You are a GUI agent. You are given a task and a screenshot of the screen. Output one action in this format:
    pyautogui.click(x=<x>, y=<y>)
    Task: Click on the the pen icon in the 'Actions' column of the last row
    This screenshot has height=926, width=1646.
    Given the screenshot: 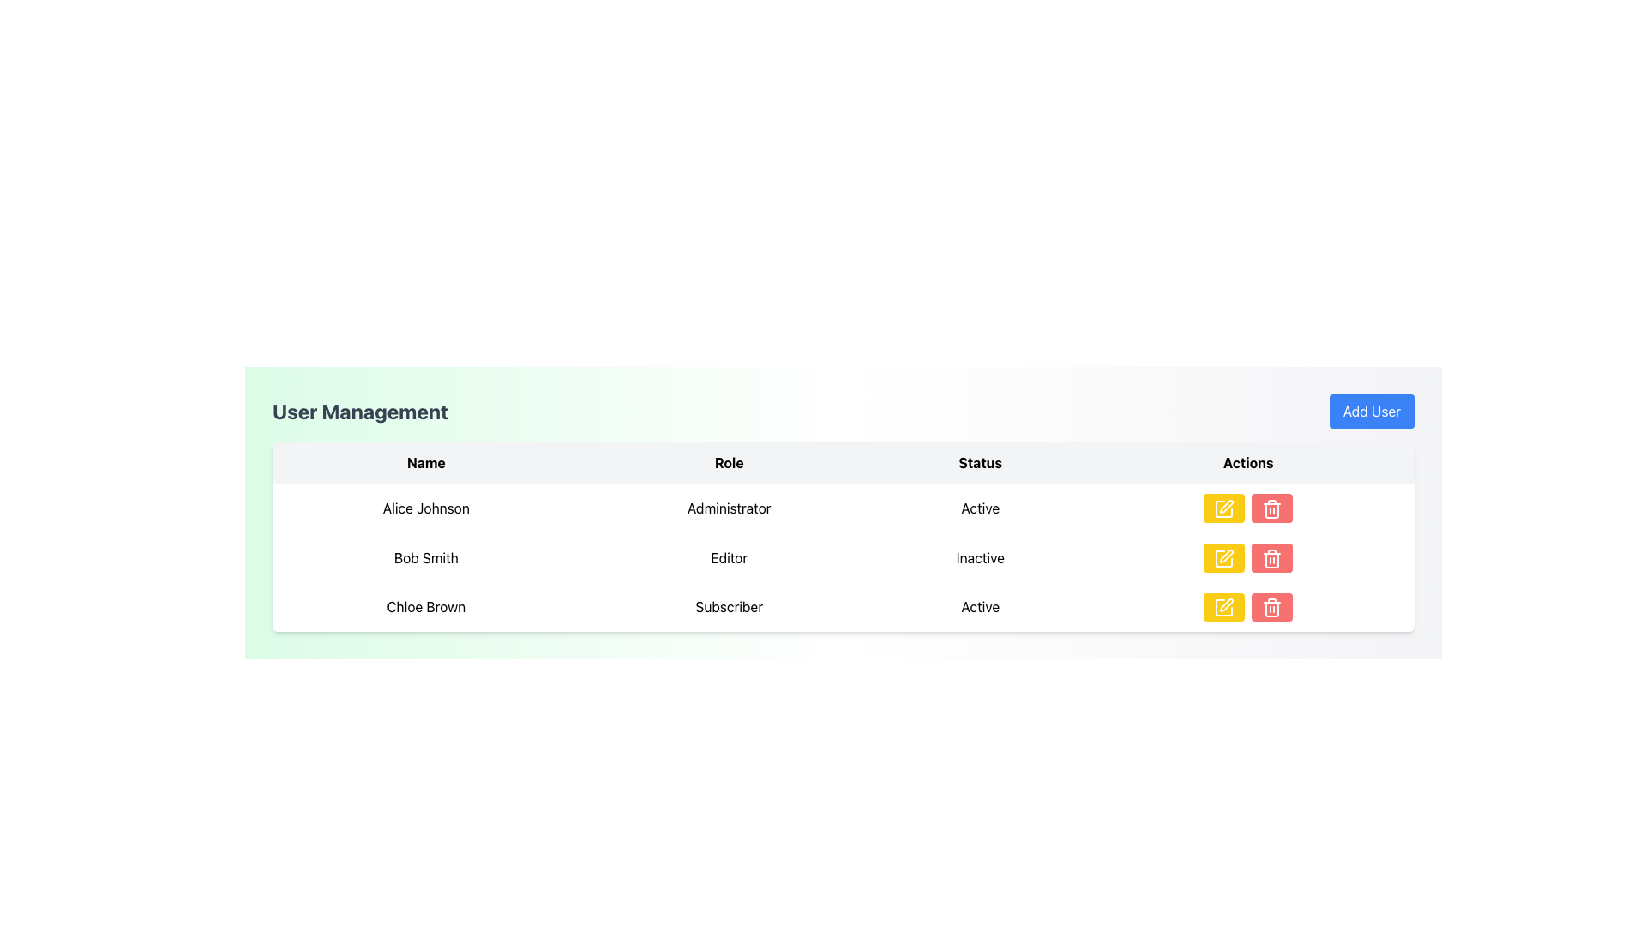 What is the action you would take?
    pyautogui.click(x=1226, y=604)
    